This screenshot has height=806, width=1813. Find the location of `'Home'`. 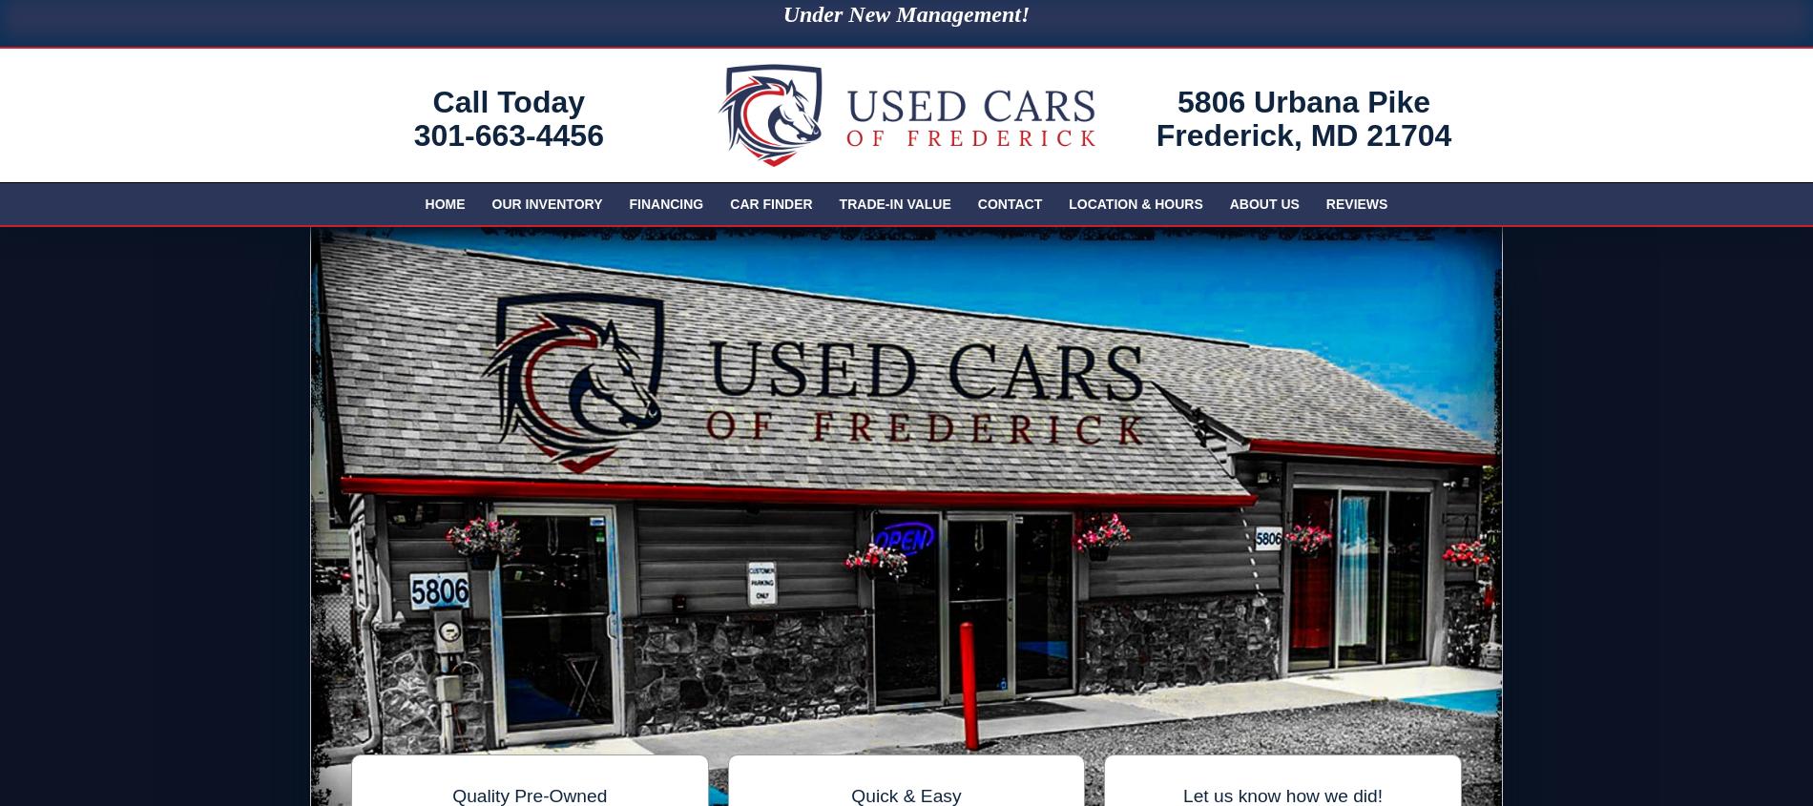

'Home' is located at coordinates (444, 203).